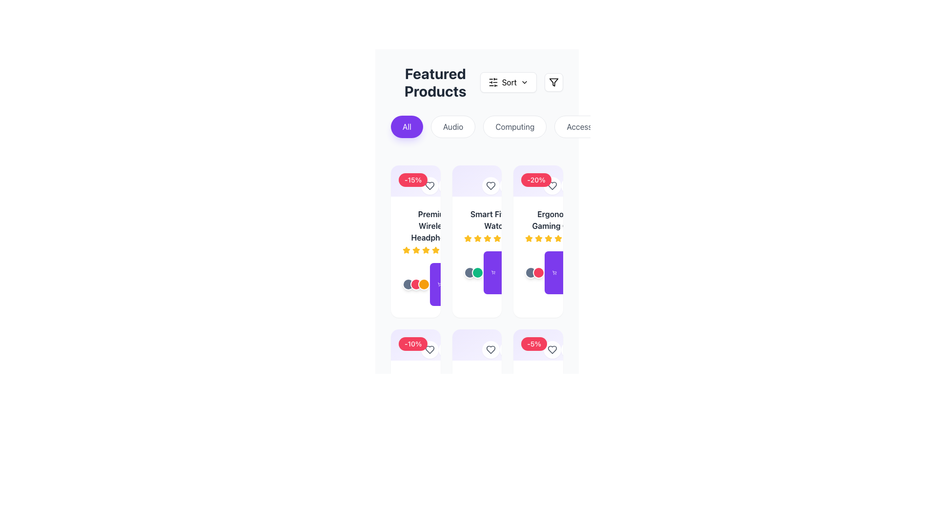  What do you see at coordinates (429, 186) in the screenshot?
I see `the favorite button in the top-right corner of the 'Premium Wireless Headphone' product card, which is the first of two circular buttons` at bounding box center [429, 186].